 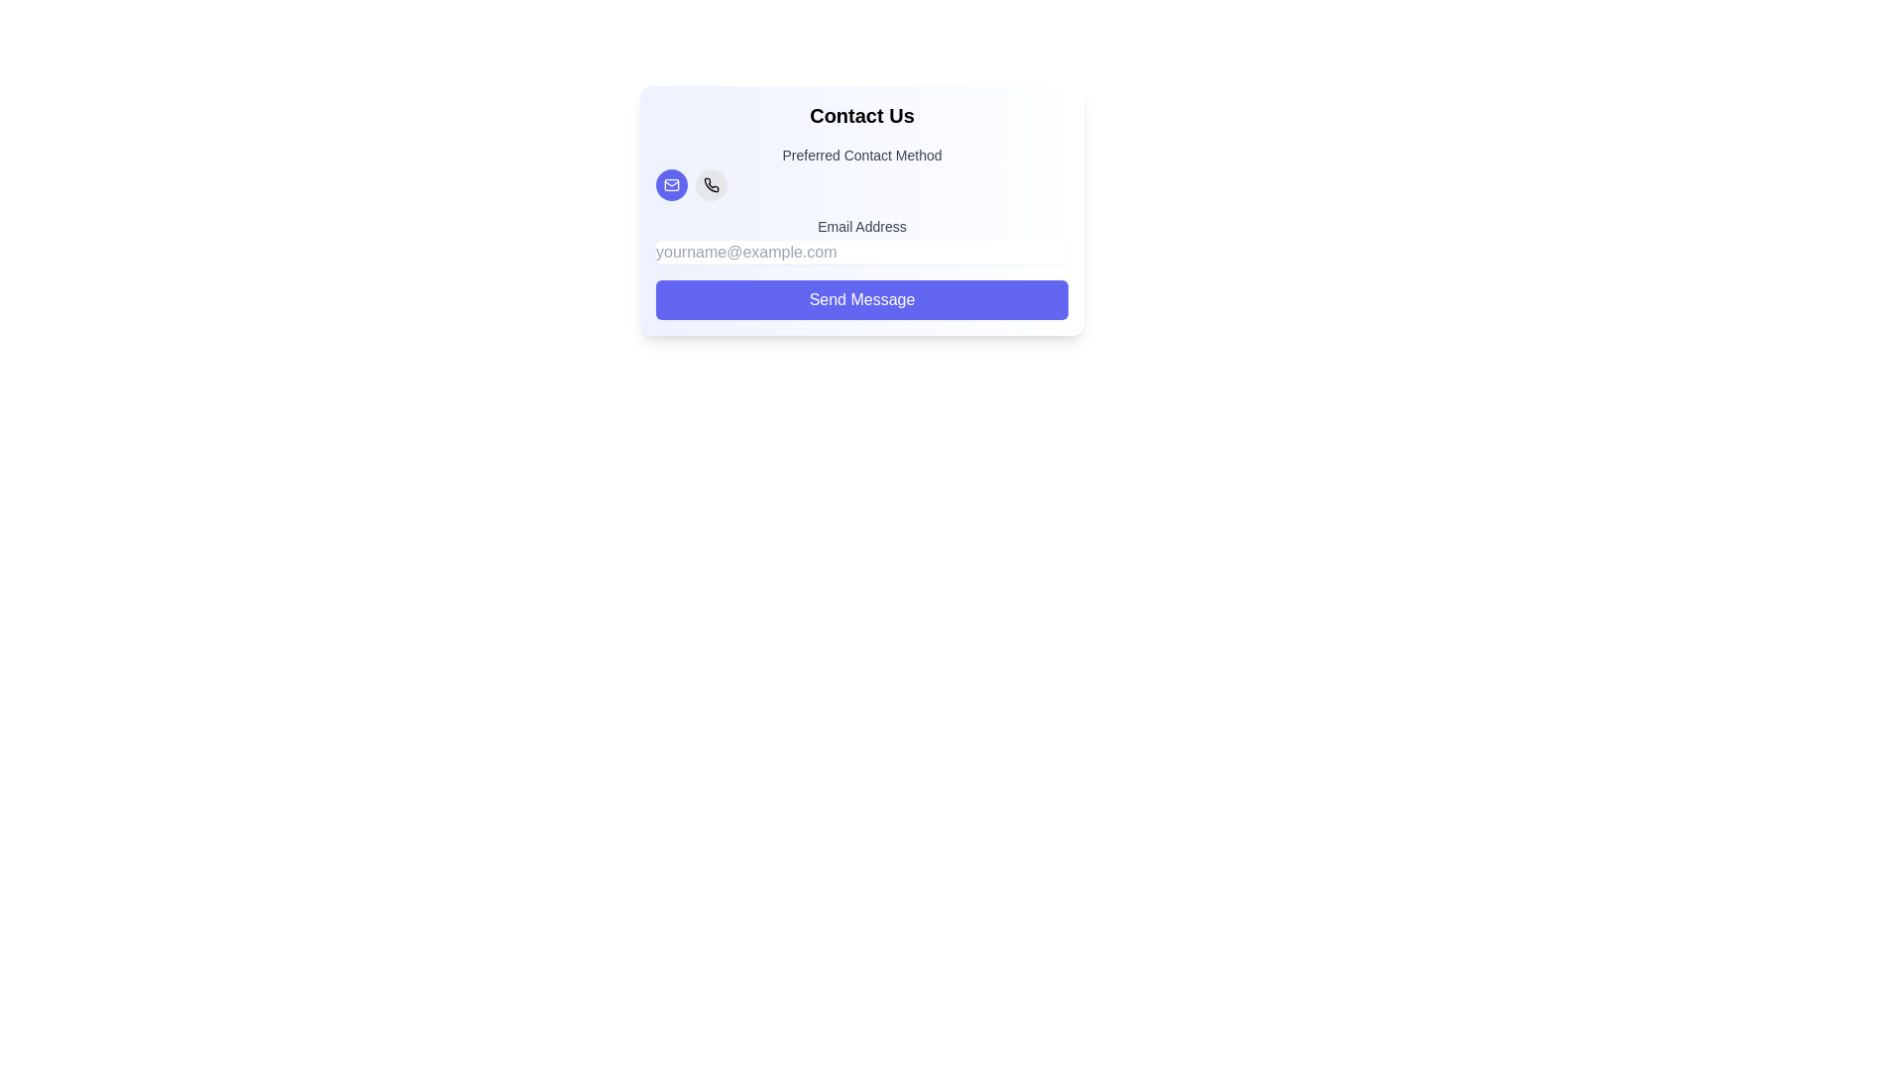 What do you see at coordinates (671, 184) in the screenshot?
I see `the leftmost icon in the contact method selection interface` at bounding box center [671, 184].